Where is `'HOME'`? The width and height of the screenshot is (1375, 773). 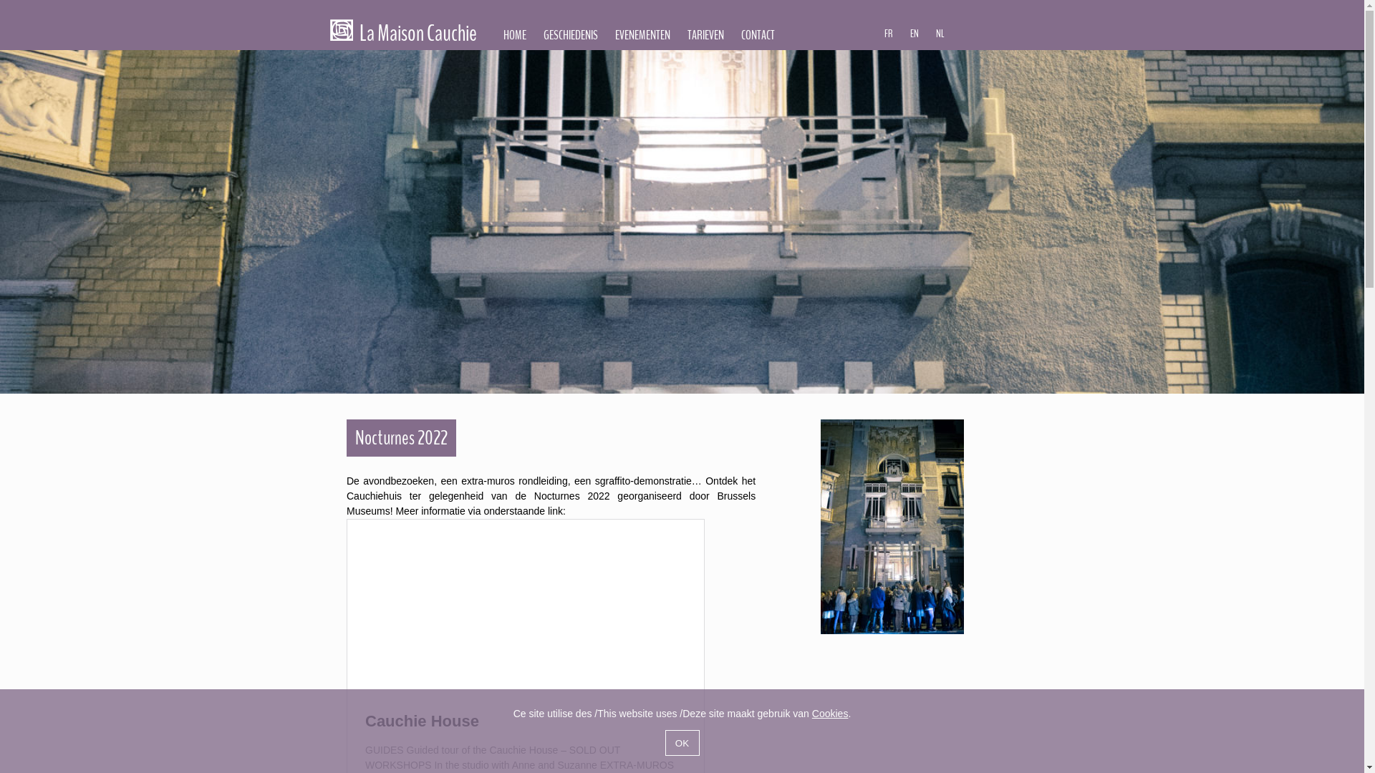
'HOME' is located at coordinates (515, 34).